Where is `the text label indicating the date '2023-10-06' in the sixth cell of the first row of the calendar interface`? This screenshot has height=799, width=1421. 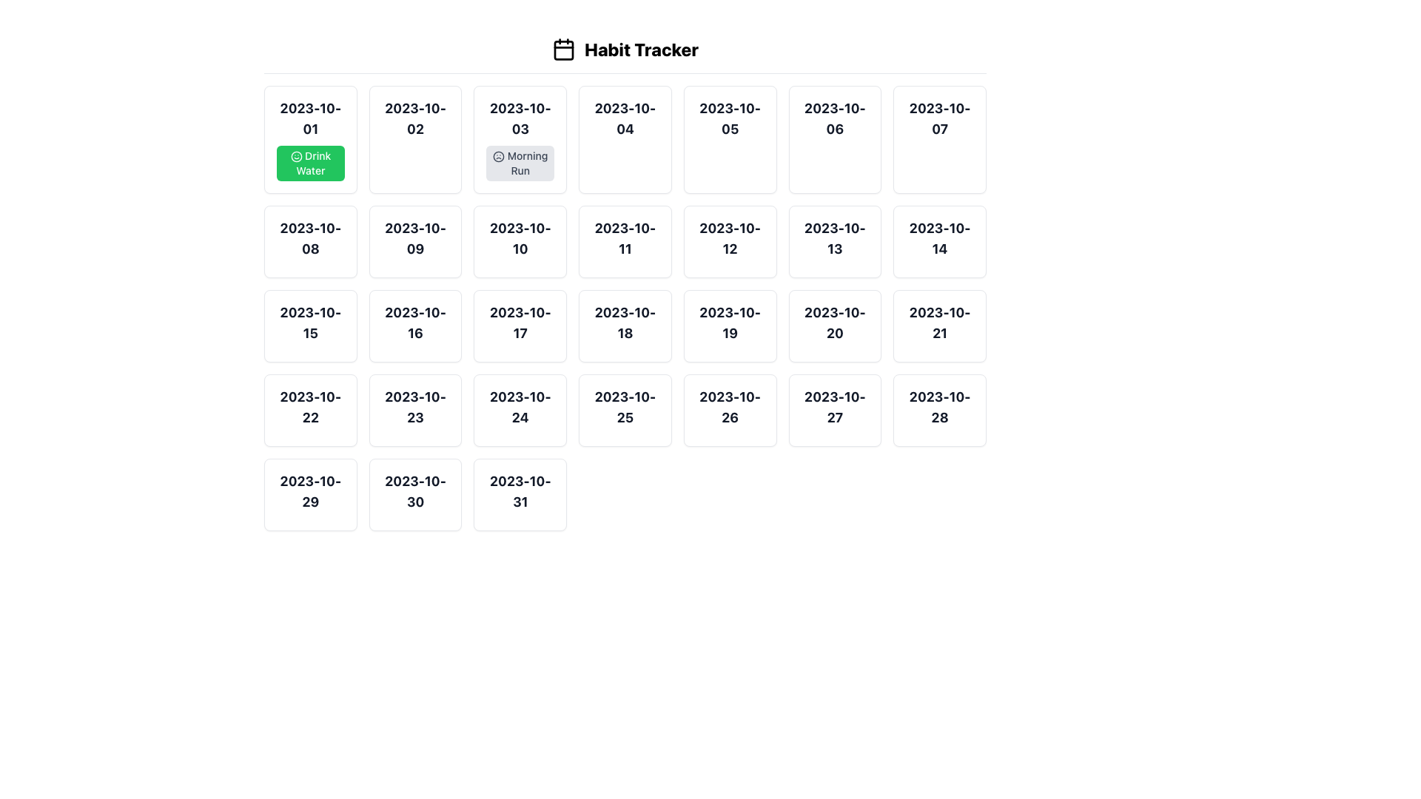
the text label indicating the date '2023-10-06' in the sixth cell of the first row of the calendar interface is located at coordinates (835, 118).